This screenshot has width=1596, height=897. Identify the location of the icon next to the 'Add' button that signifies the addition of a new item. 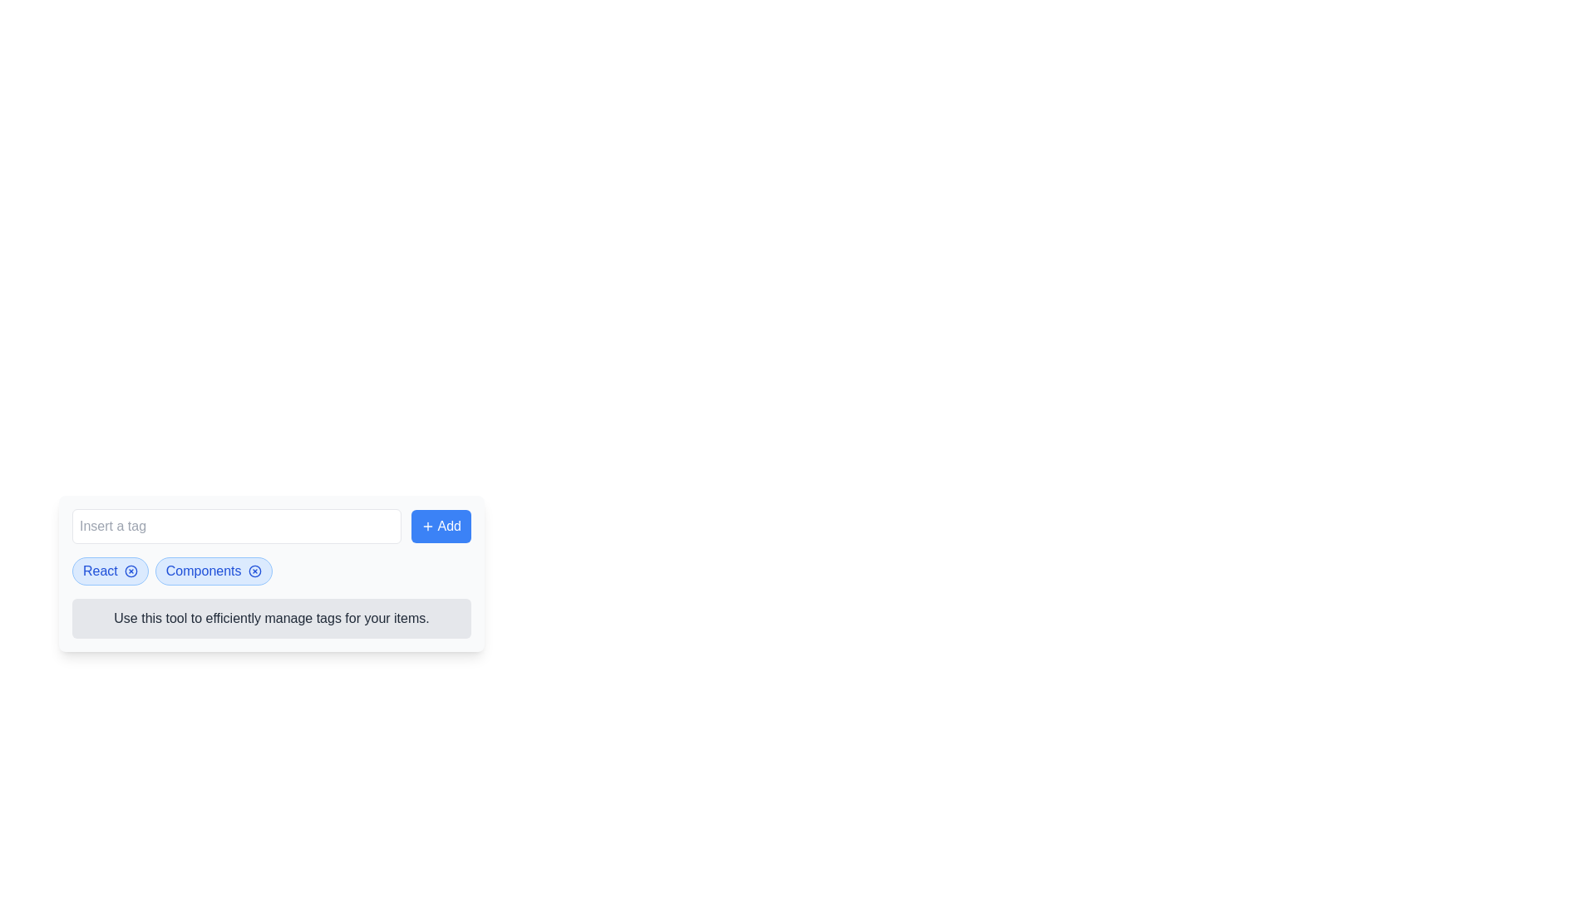
(427, 526).